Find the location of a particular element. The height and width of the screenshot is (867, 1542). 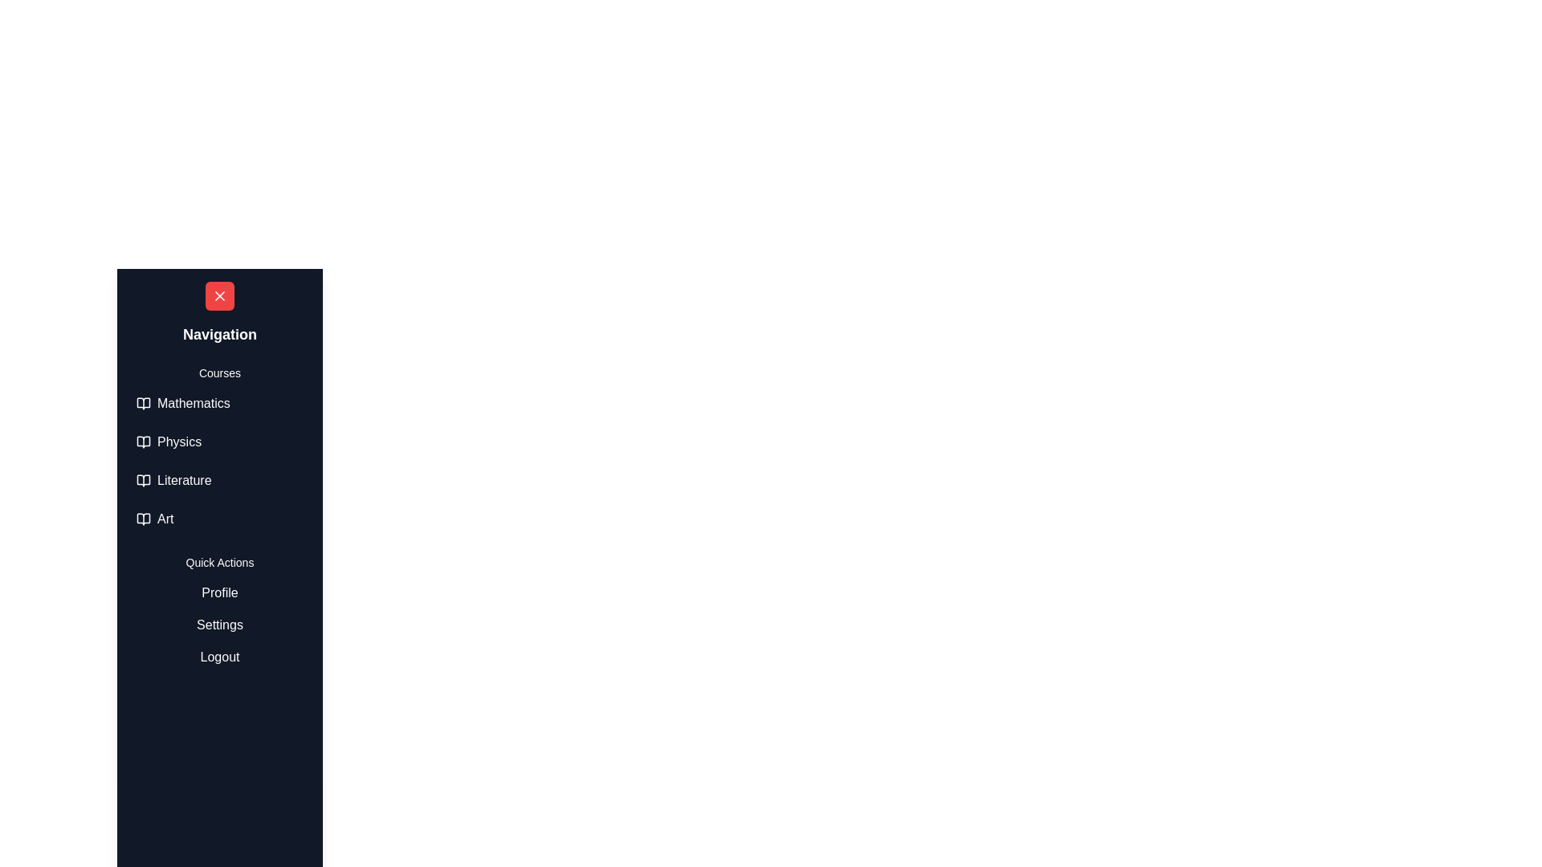

the 'Physics' navigation item in the sidebar is located at coordinates (218, 442).